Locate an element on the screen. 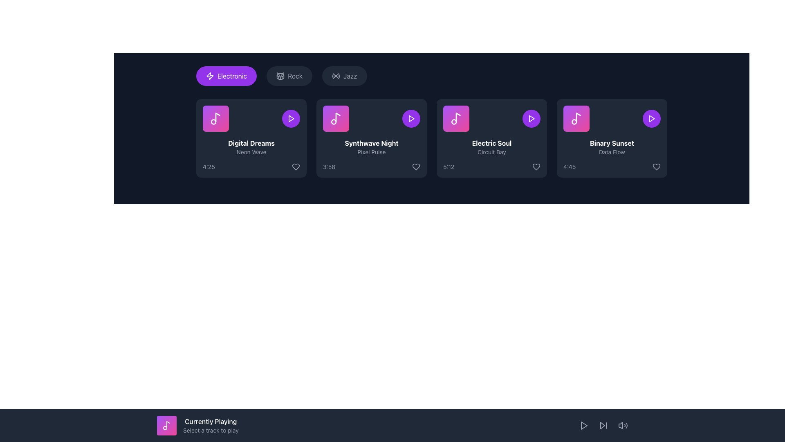 This screenshot has height=442, width=785. the graphical representation of the 'Rock' genre icon, which is positioned to the left of the 'Rock' text label in a group of genre buttons near the top-center of the interface is located at coordinates (280, 76).